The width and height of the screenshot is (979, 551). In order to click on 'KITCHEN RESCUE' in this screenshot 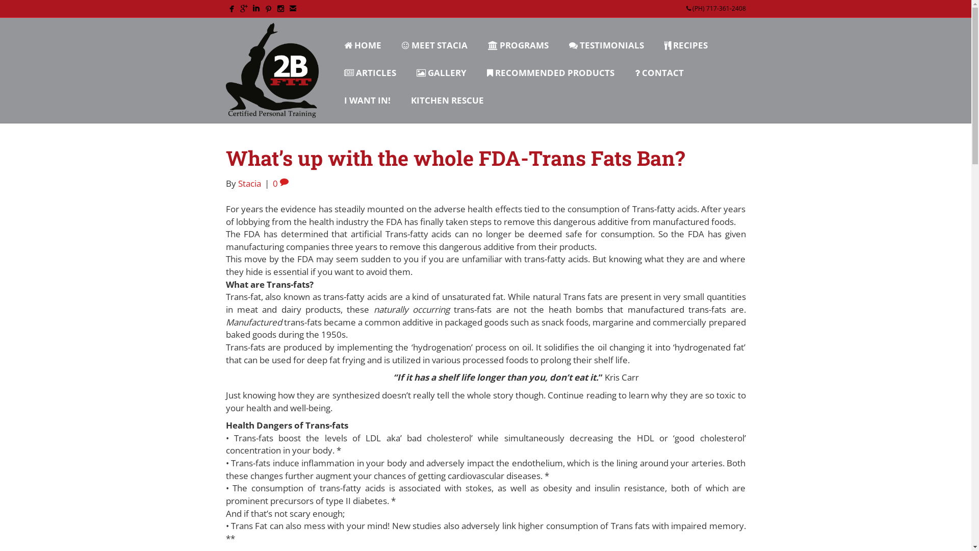, I will do `click(447, 98)`.